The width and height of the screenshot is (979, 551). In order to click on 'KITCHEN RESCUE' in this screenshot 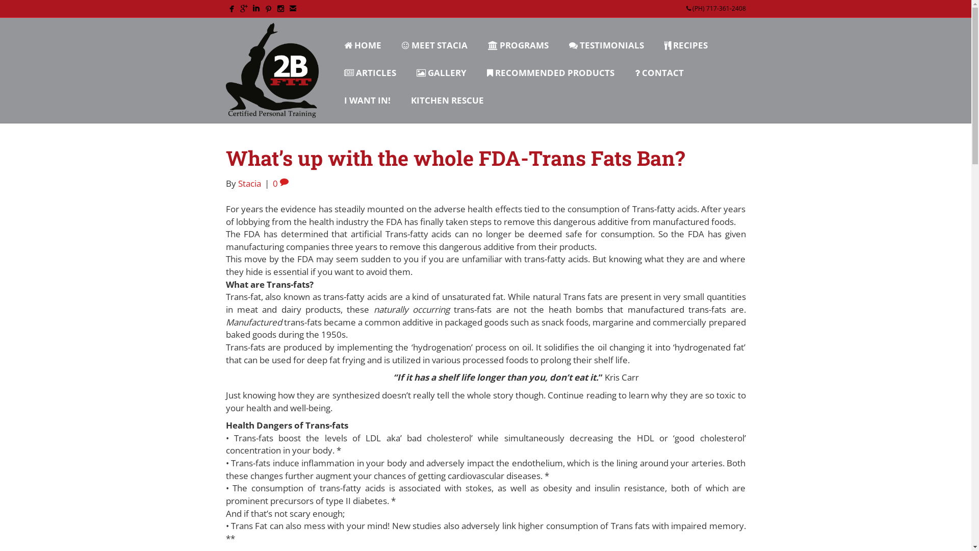, I will do `click(447, 98)`.